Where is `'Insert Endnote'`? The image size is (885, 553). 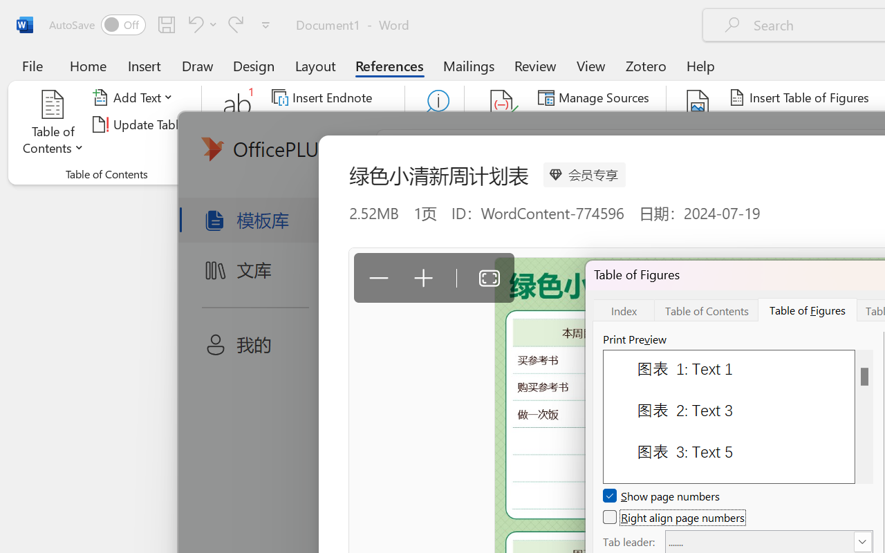
'Insert Endnote' is located at coordinates (323, 97).